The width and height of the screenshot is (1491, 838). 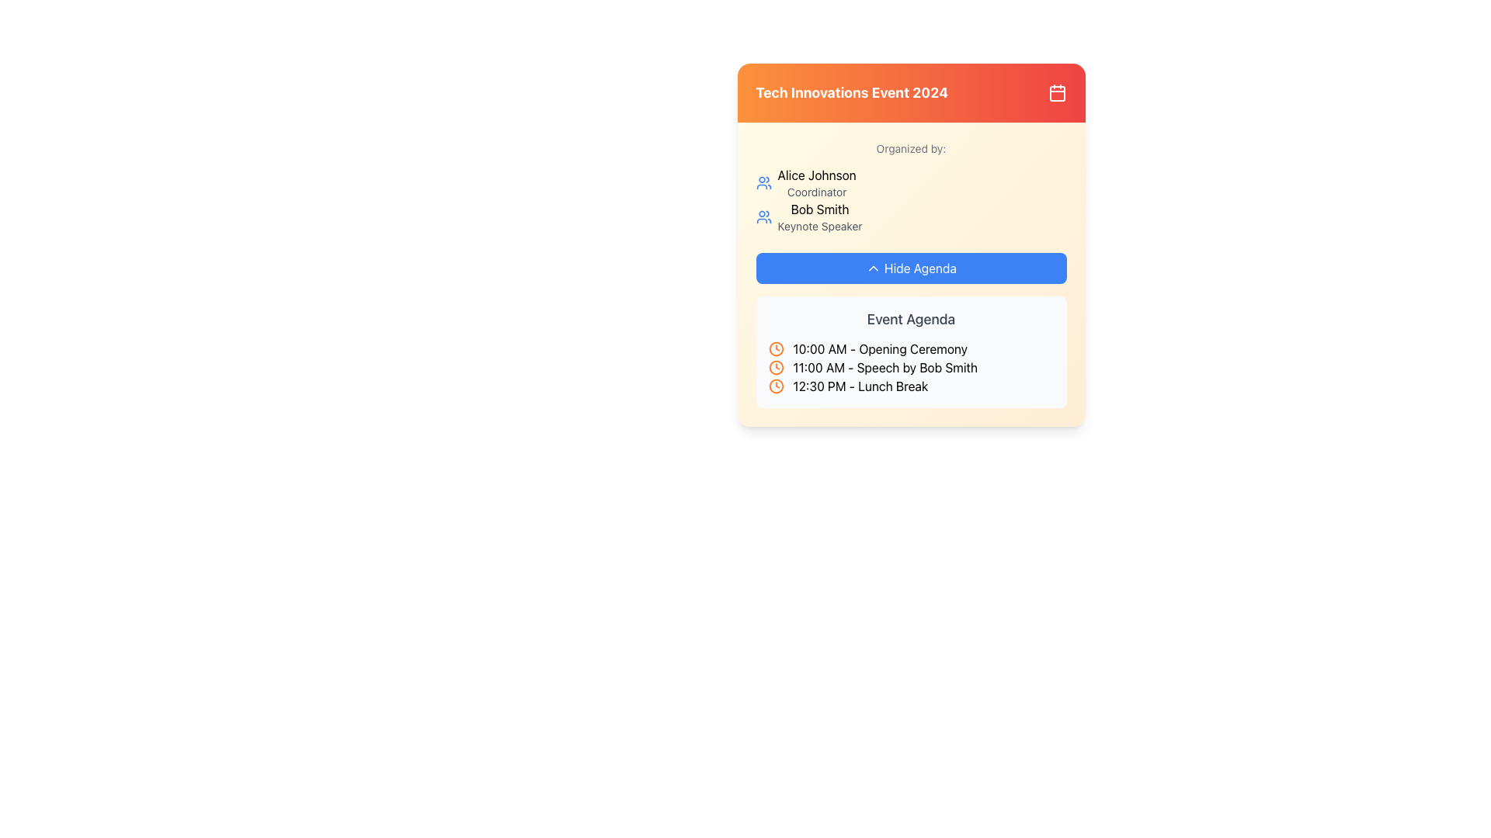 I want to click on the surrounding area of the second list item under the 'Event Agenda' section to interact with the event information for 'Speech by Bob Smith.', so click(x=911, y=368).